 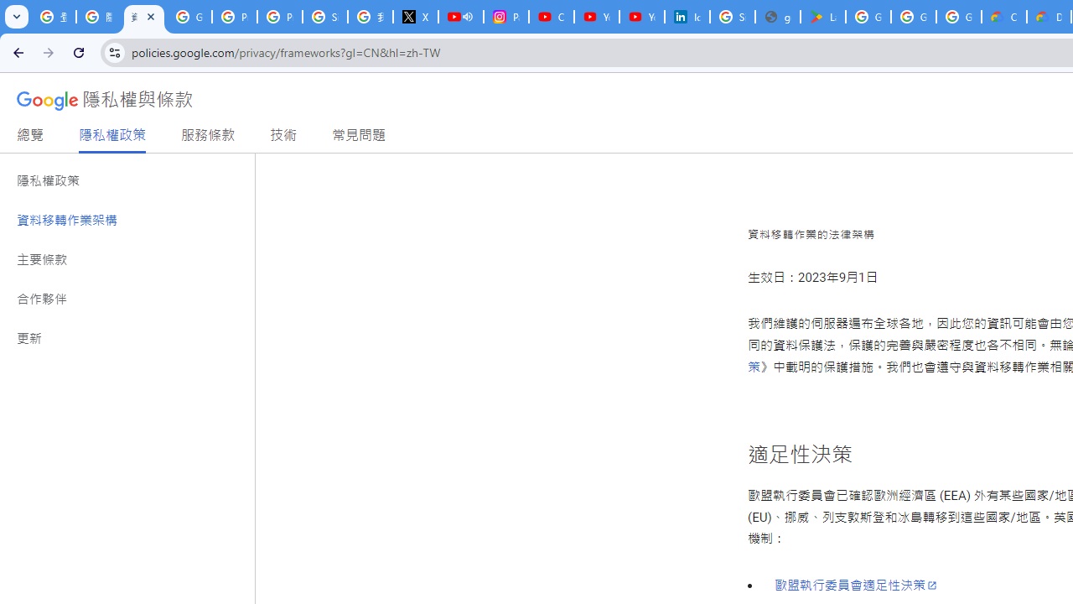 I want to click on 'Last Shelter: Survival - Apps on Google Play', so click(x=822, y=17).